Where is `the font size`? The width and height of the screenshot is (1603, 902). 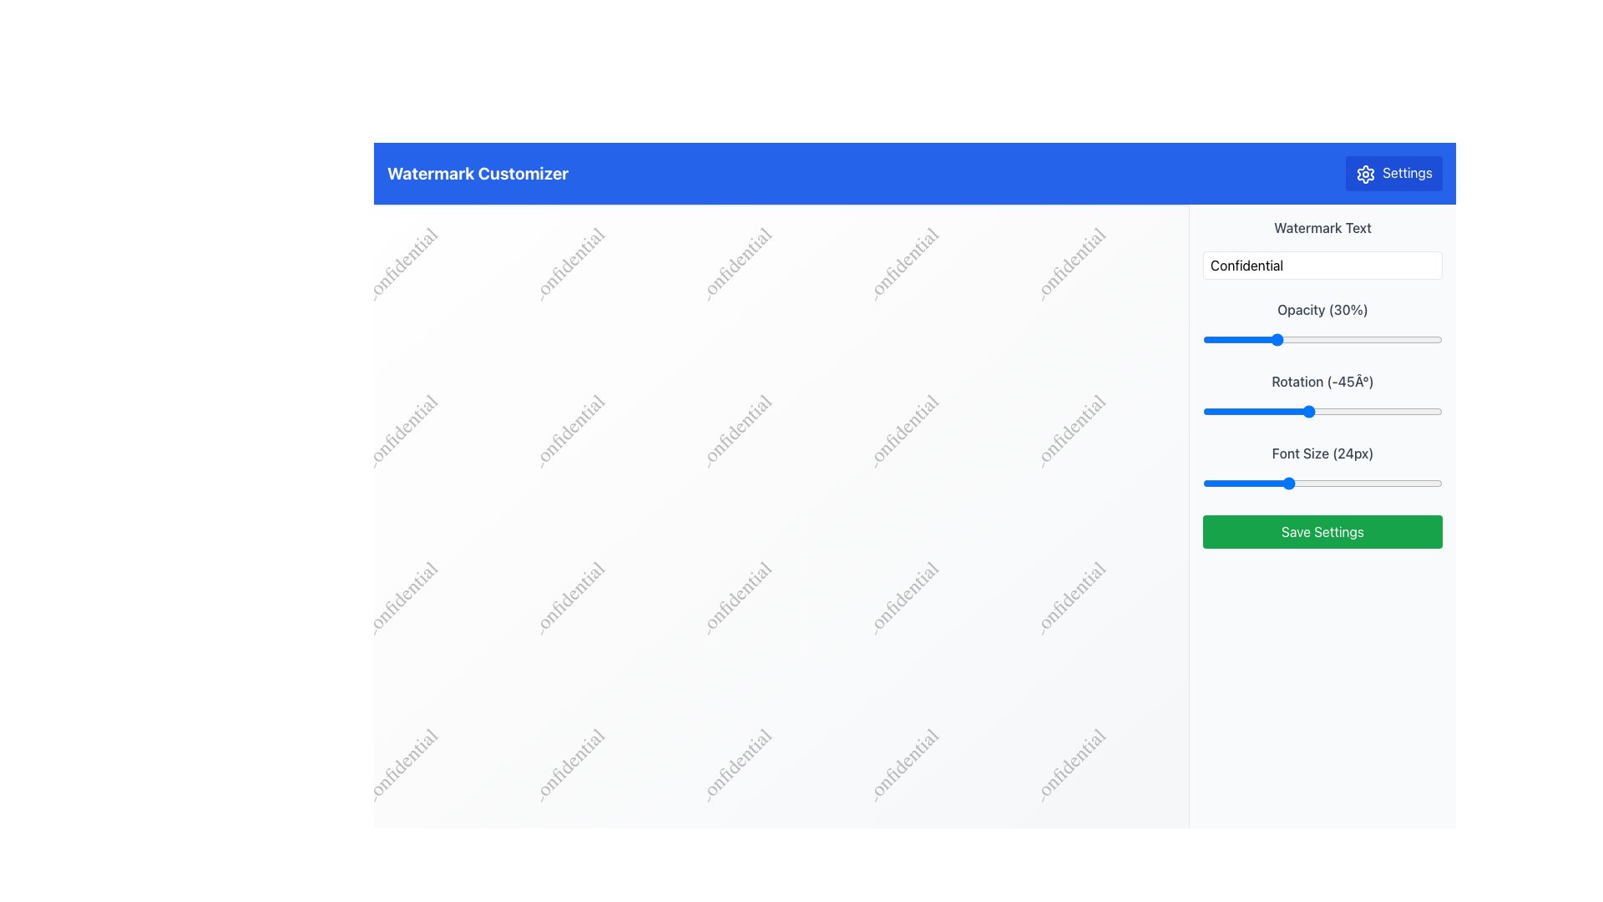
the font size is located at coordinates (1358, 483).